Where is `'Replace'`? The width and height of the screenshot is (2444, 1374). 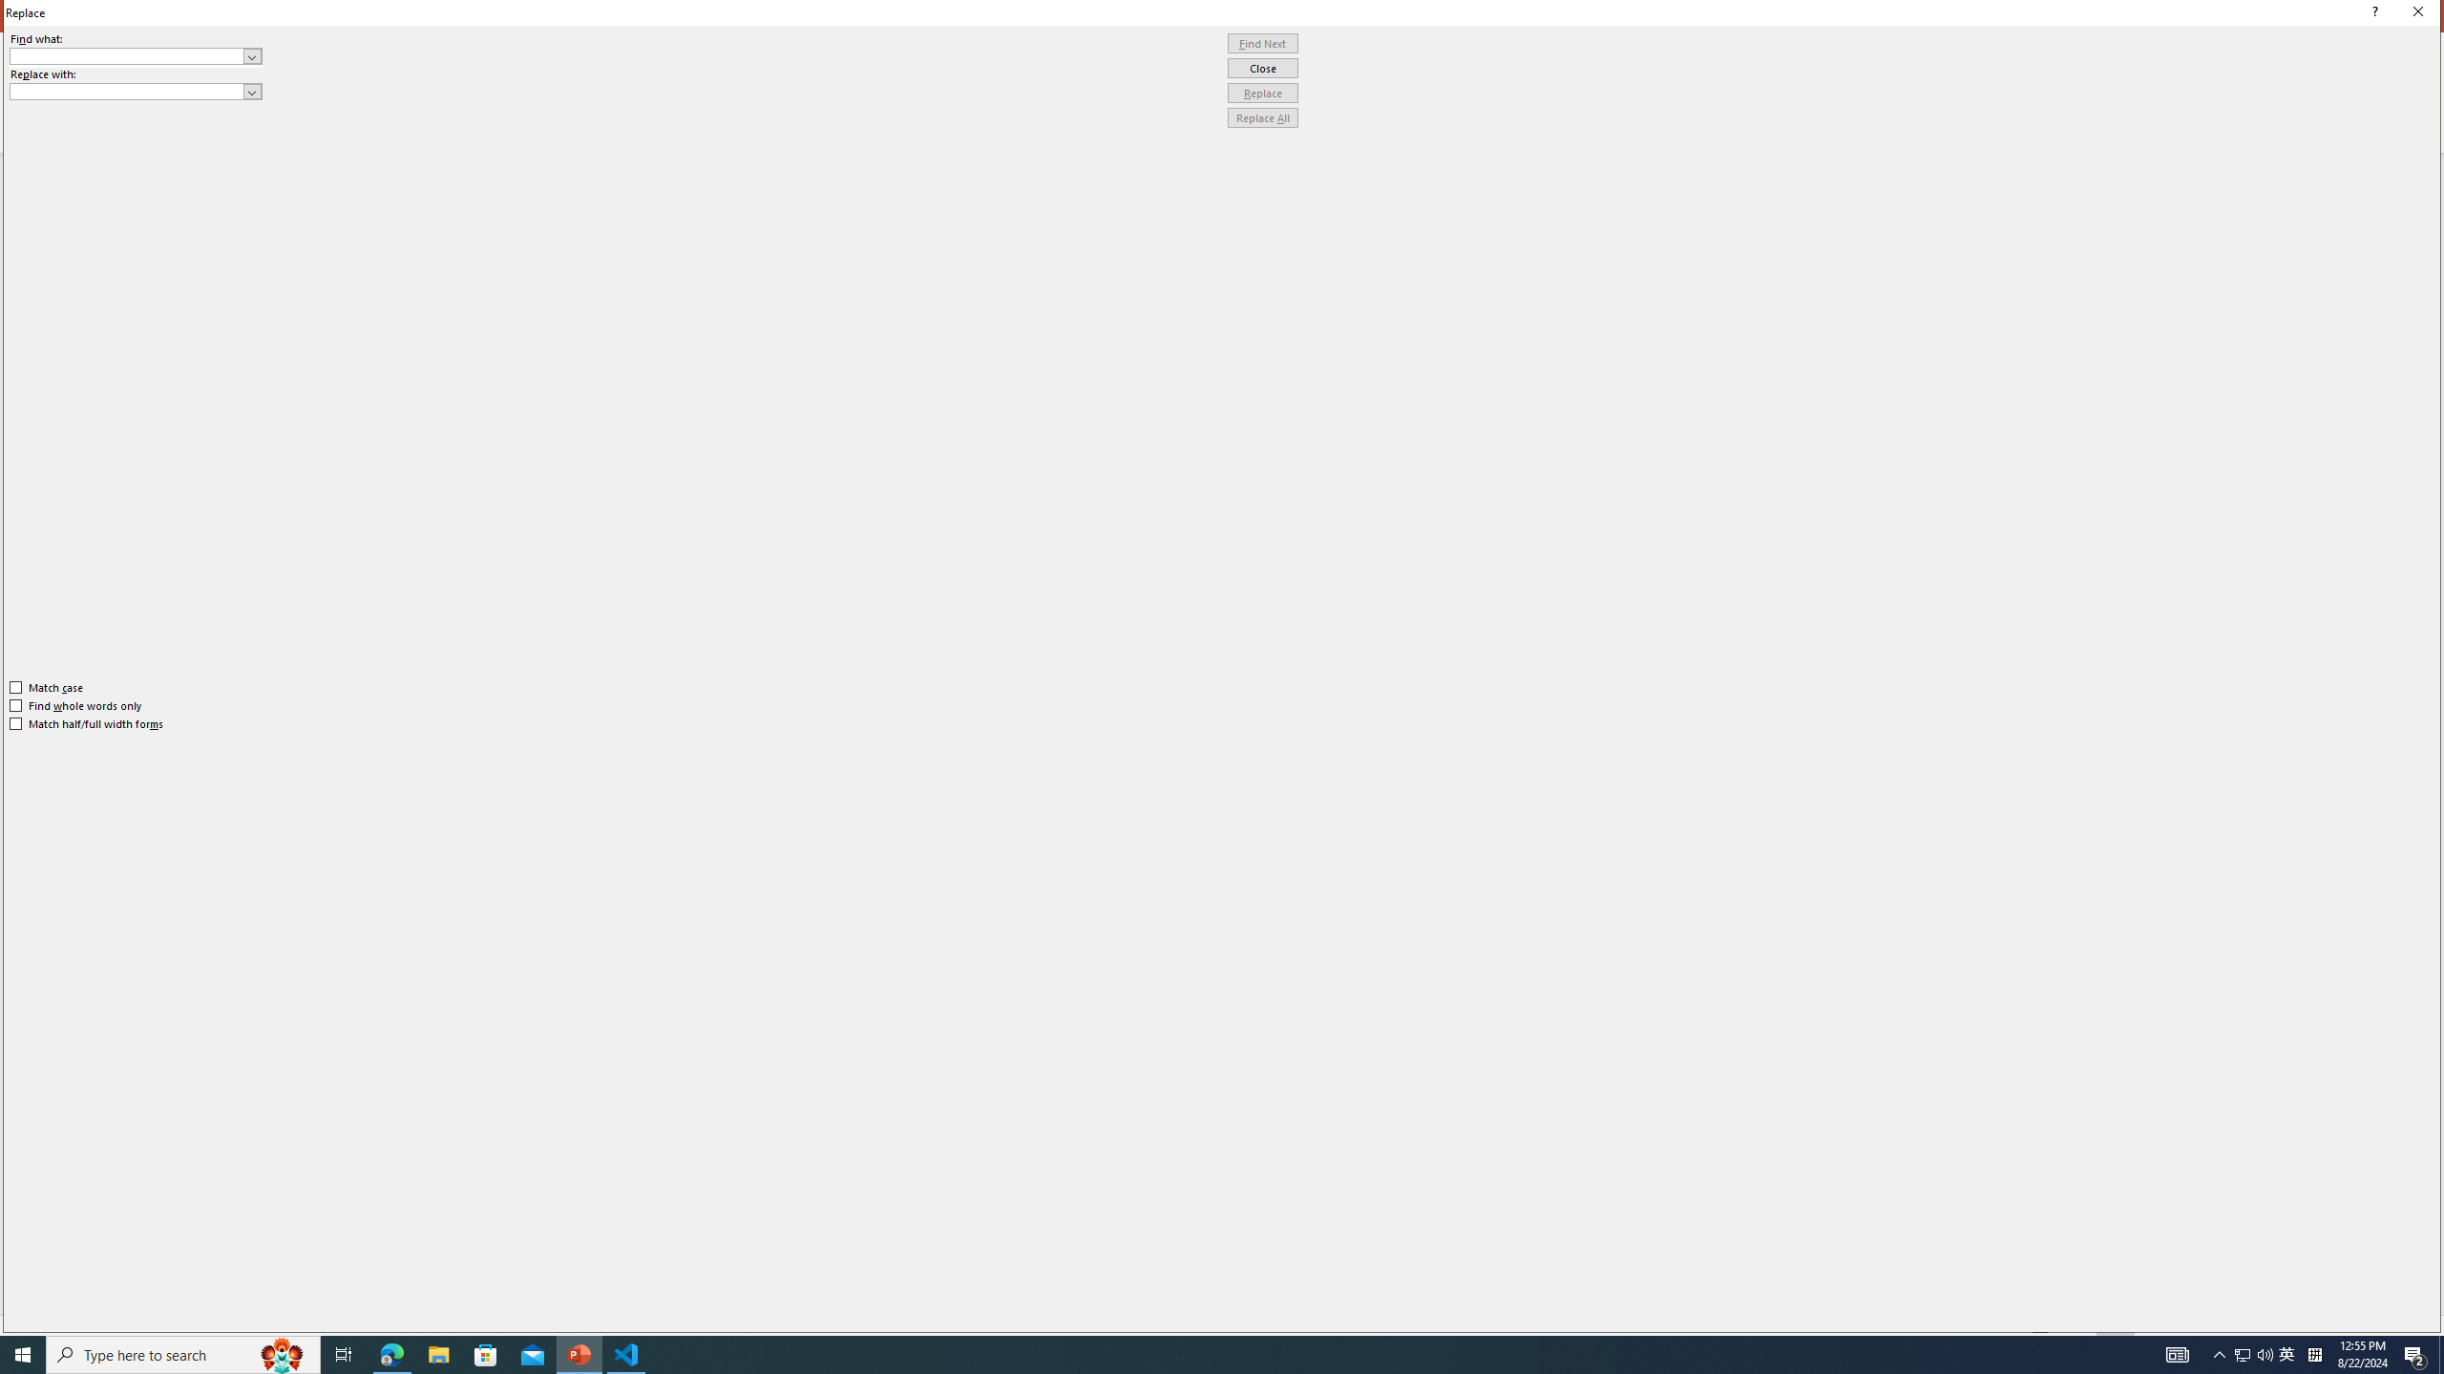
'Replace' is located at coordinates (1262, 92).